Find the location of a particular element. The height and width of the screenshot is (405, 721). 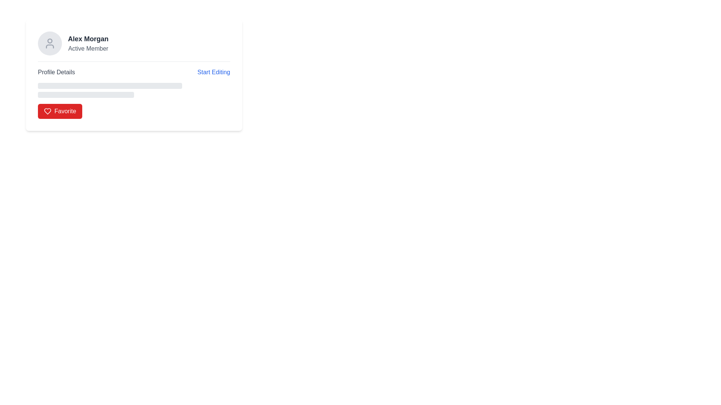

the text label 'Active Member' which is styled in gray and located directly below 'Alex Morgan' in the profile card is located at coordinates (88, 49).